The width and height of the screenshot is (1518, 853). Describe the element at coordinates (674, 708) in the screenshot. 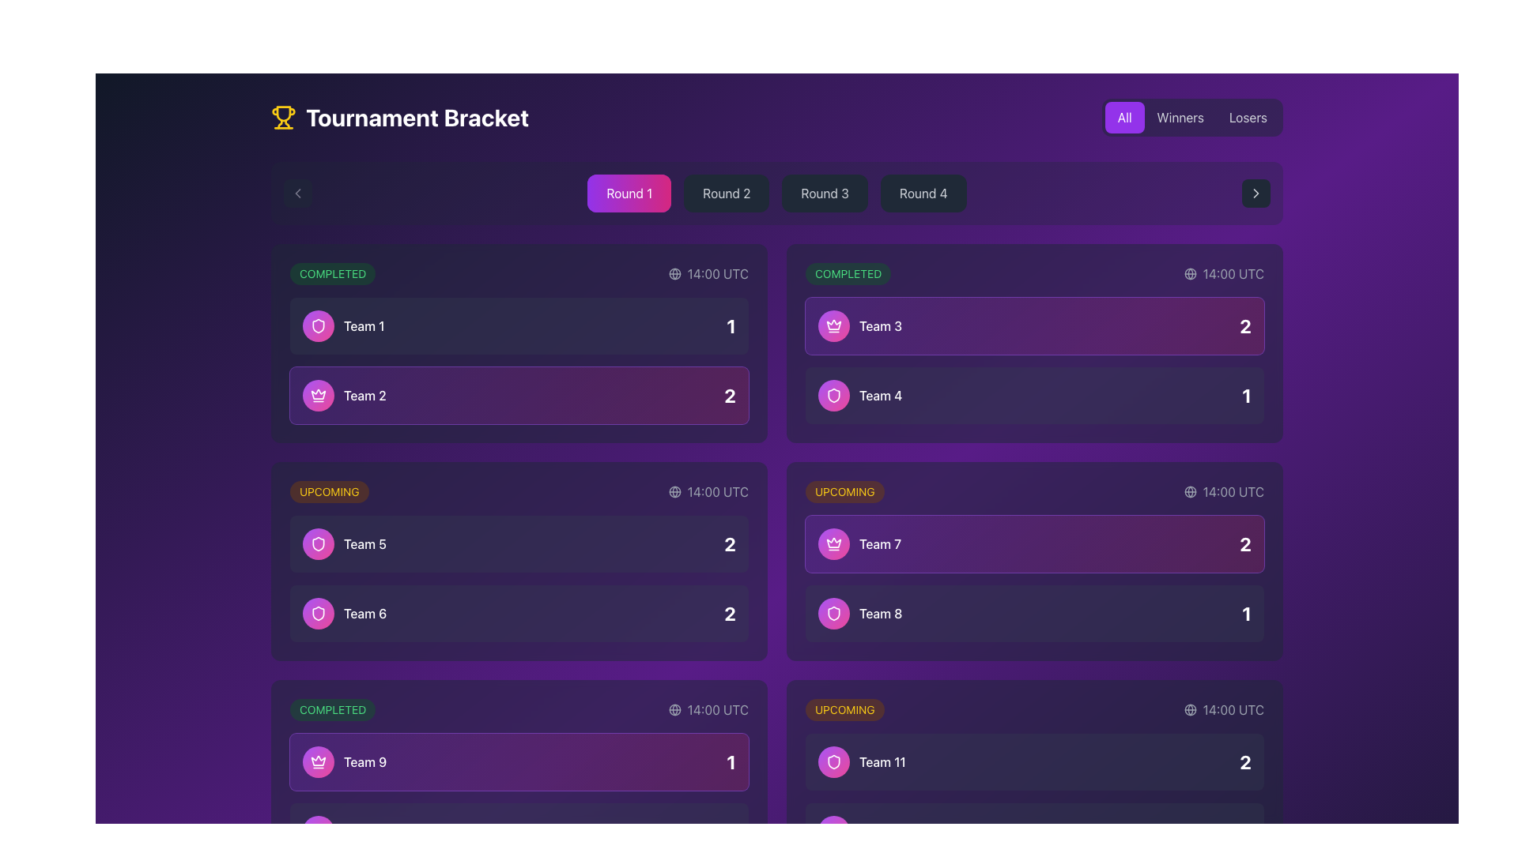

I see `the globe icon that precedes the '14:00 UTC' text, which is a light gray circular figure with intersecting lines representing a world map` at that location.